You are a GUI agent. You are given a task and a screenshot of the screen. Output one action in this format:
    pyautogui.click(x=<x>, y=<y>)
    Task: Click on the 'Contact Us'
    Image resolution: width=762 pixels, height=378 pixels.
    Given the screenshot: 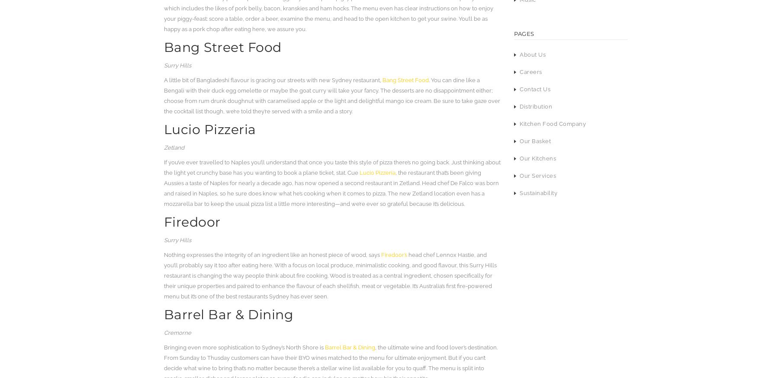 What is the action you would take?
    pyautogui.click(x=535, y=89)
    